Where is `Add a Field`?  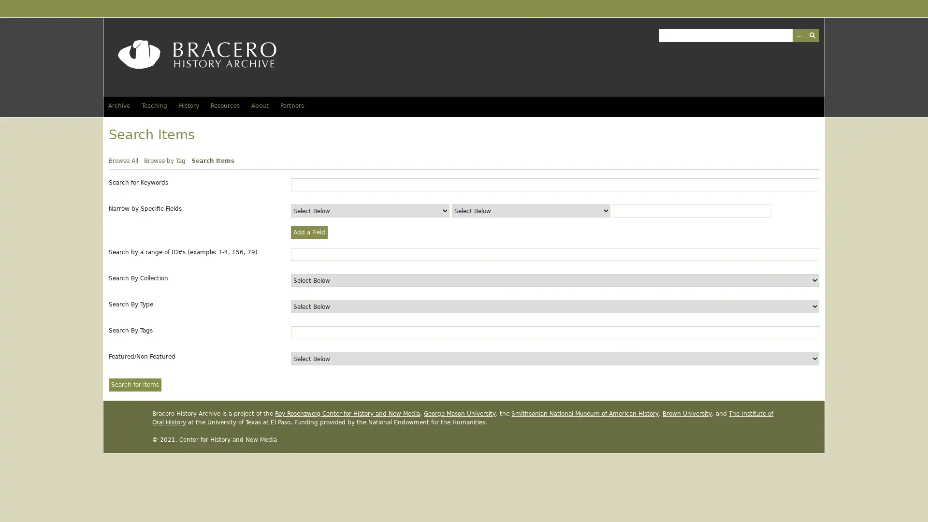 Add a Field is located at coordinates (308, 232).